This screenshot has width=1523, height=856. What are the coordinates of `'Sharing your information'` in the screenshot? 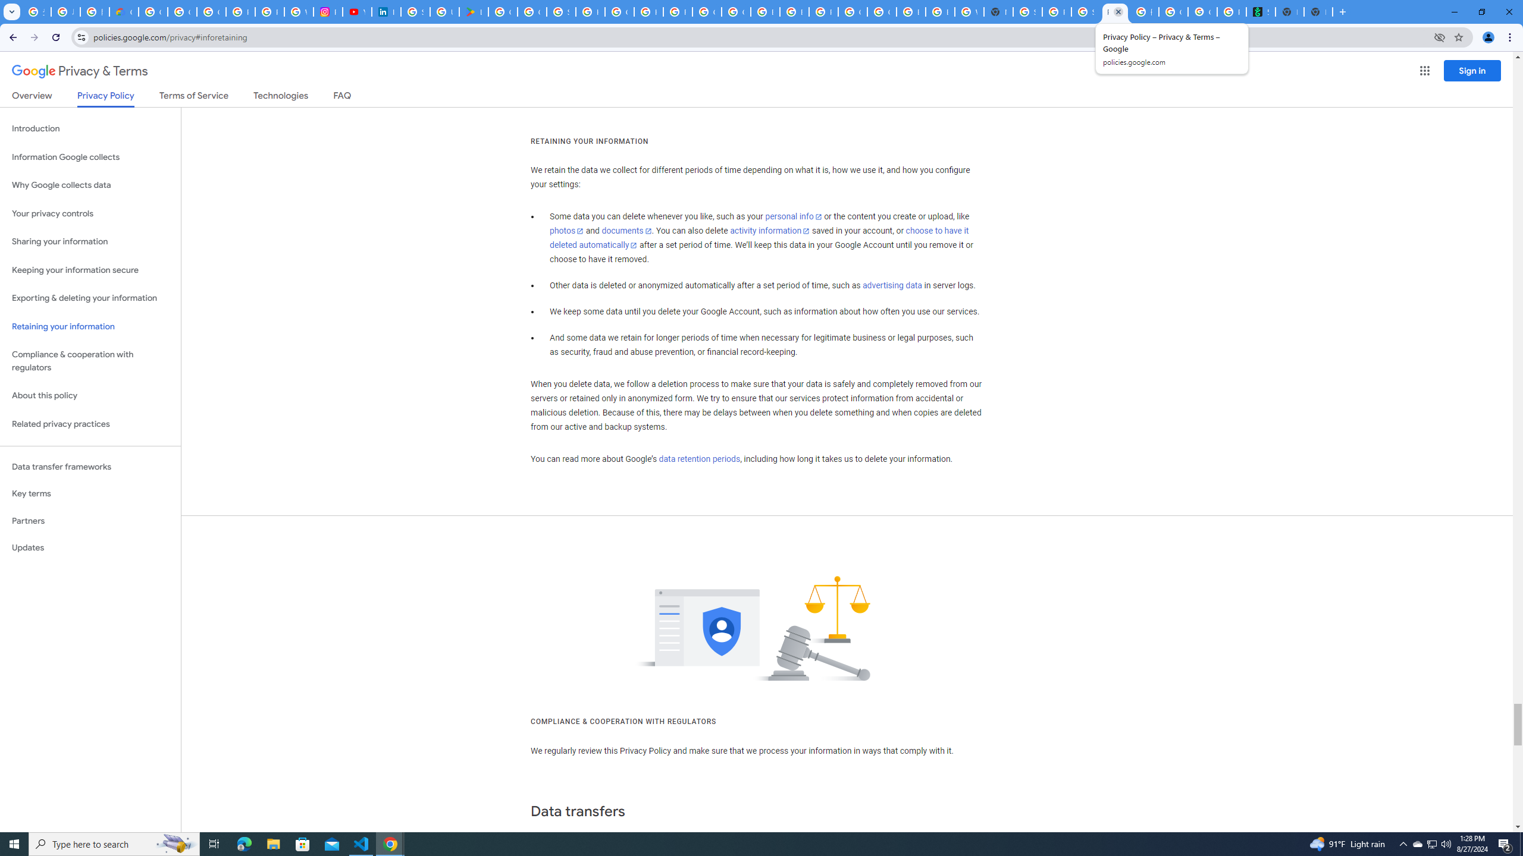 It's located at (90, 241).